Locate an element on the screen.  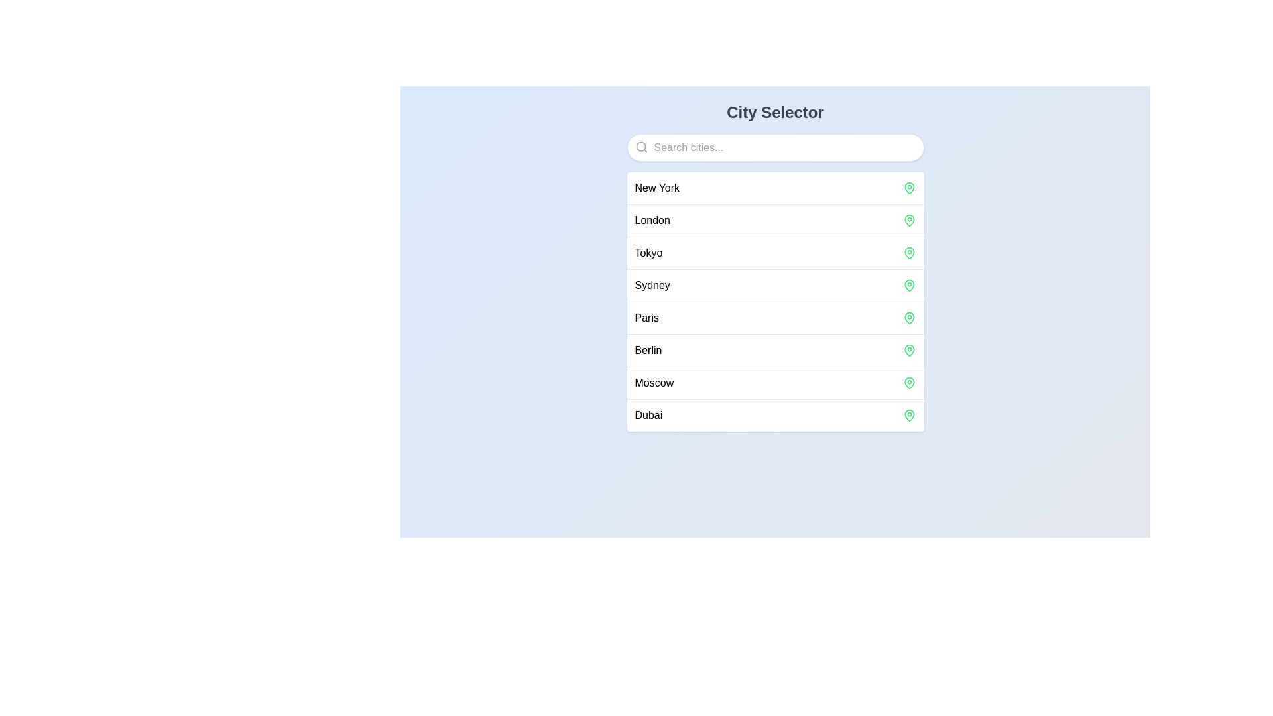
the 'New York' text label, which is the first item in a list of city names is located at coordinates (657, 188).